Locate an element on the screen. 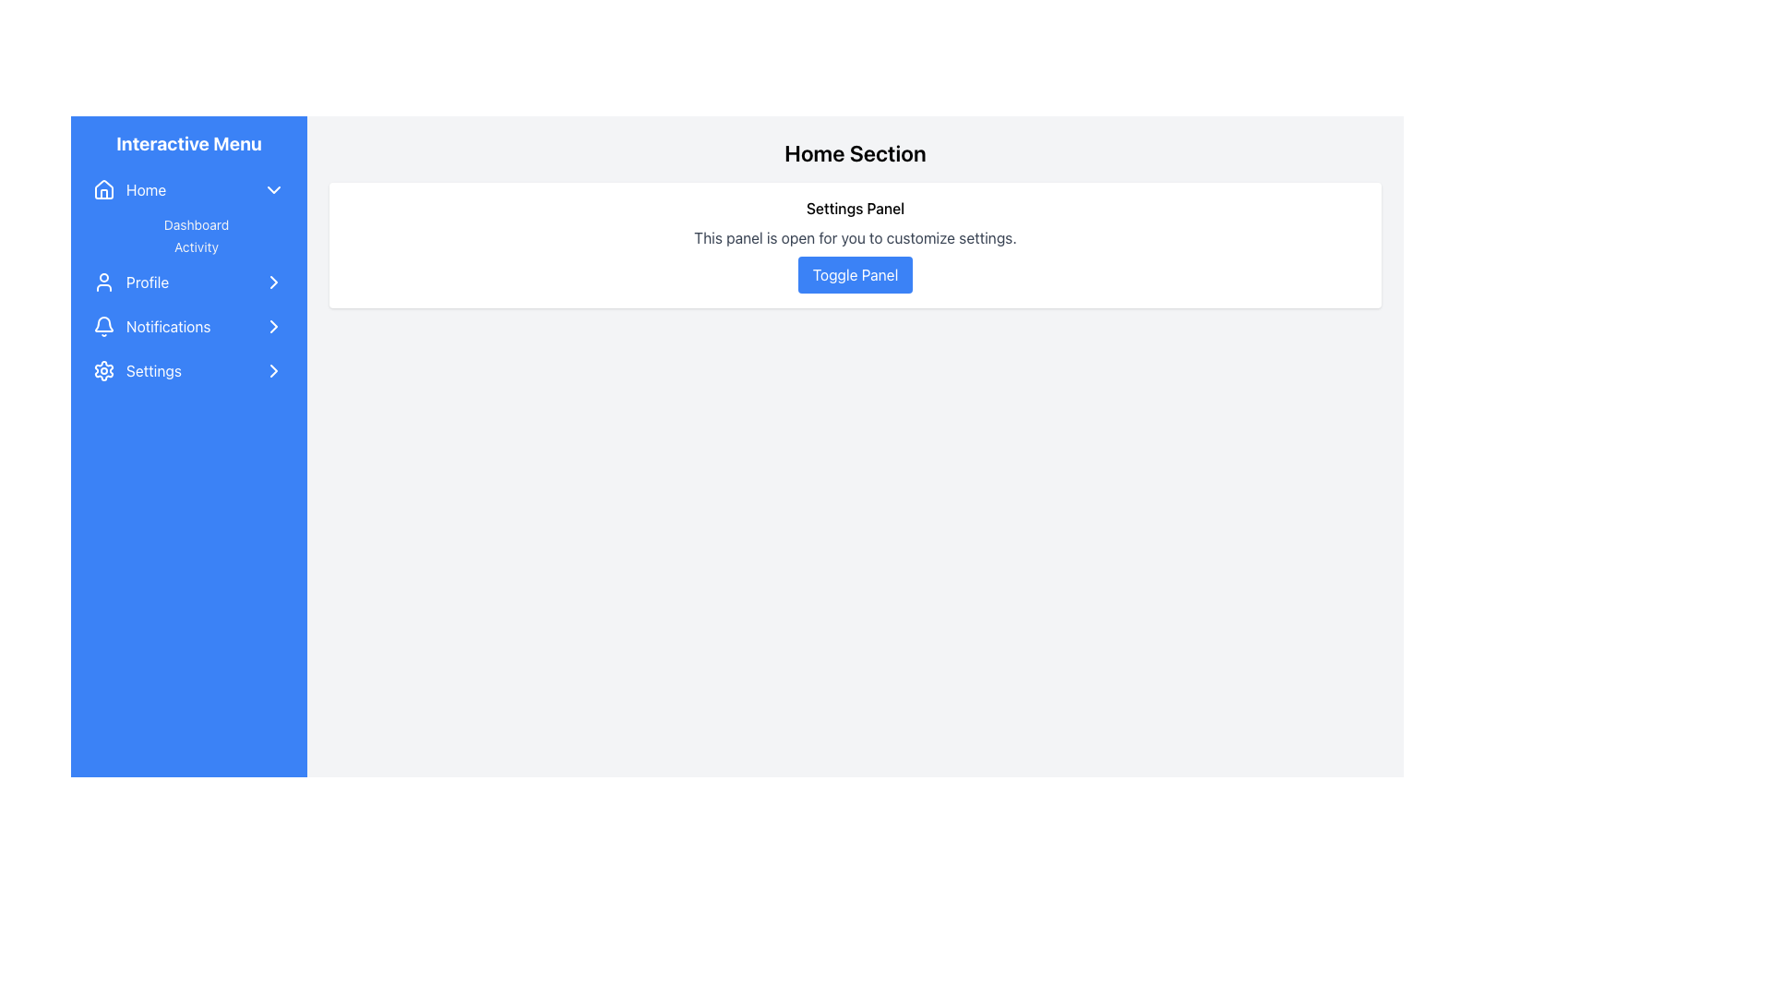 The height and width of the screenshot is (997, 1772). the 'Home' icon in the sidebar menu, which visually indicates the 'Home' section of the interface is located at coordinates (103, 189).